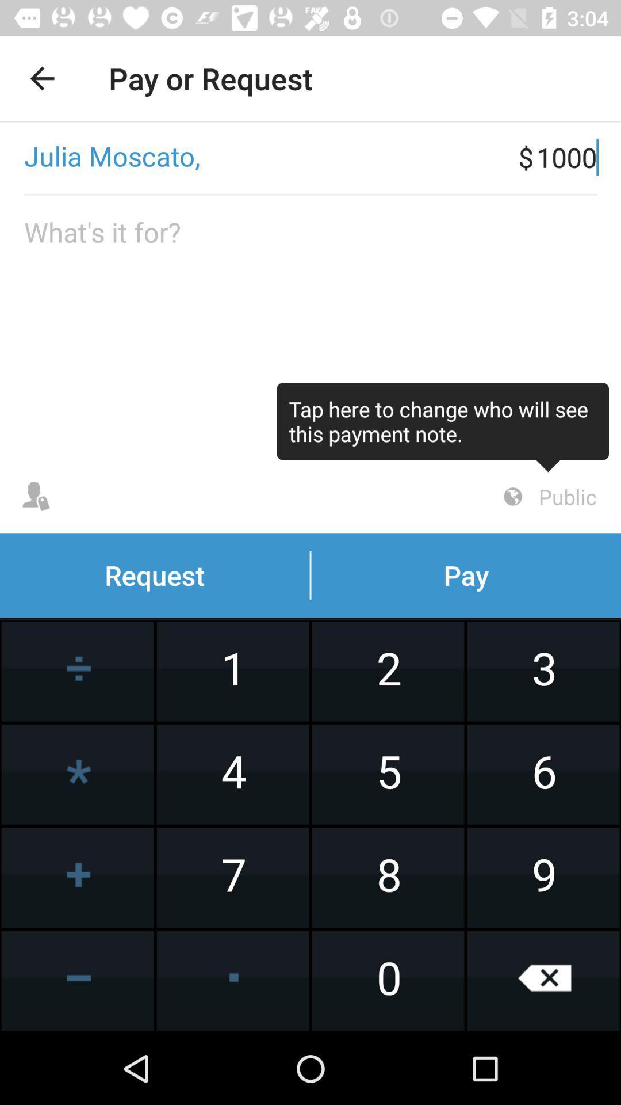 The image size is (621, 1105). Describe the element at coordinates (547, 497) in the screenshot. I see `item above pay` at that location.